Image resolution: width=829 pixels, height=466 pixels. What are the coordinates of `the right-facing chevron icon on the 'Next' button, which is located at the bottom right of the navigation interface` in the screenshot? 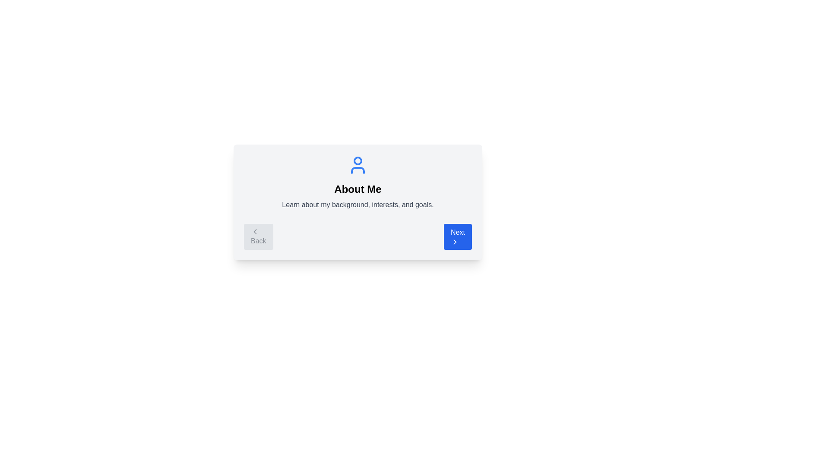 It's located at (455, 242).